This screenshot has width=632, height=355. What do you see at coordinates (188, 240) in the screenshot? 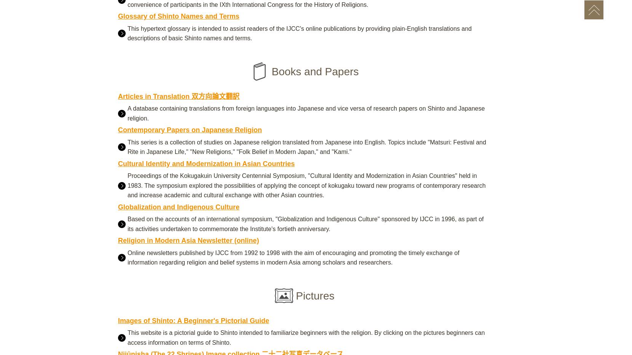
I see `'Religion in Modern Asia Newsletter (online)'` at bounding box center [188, 240].